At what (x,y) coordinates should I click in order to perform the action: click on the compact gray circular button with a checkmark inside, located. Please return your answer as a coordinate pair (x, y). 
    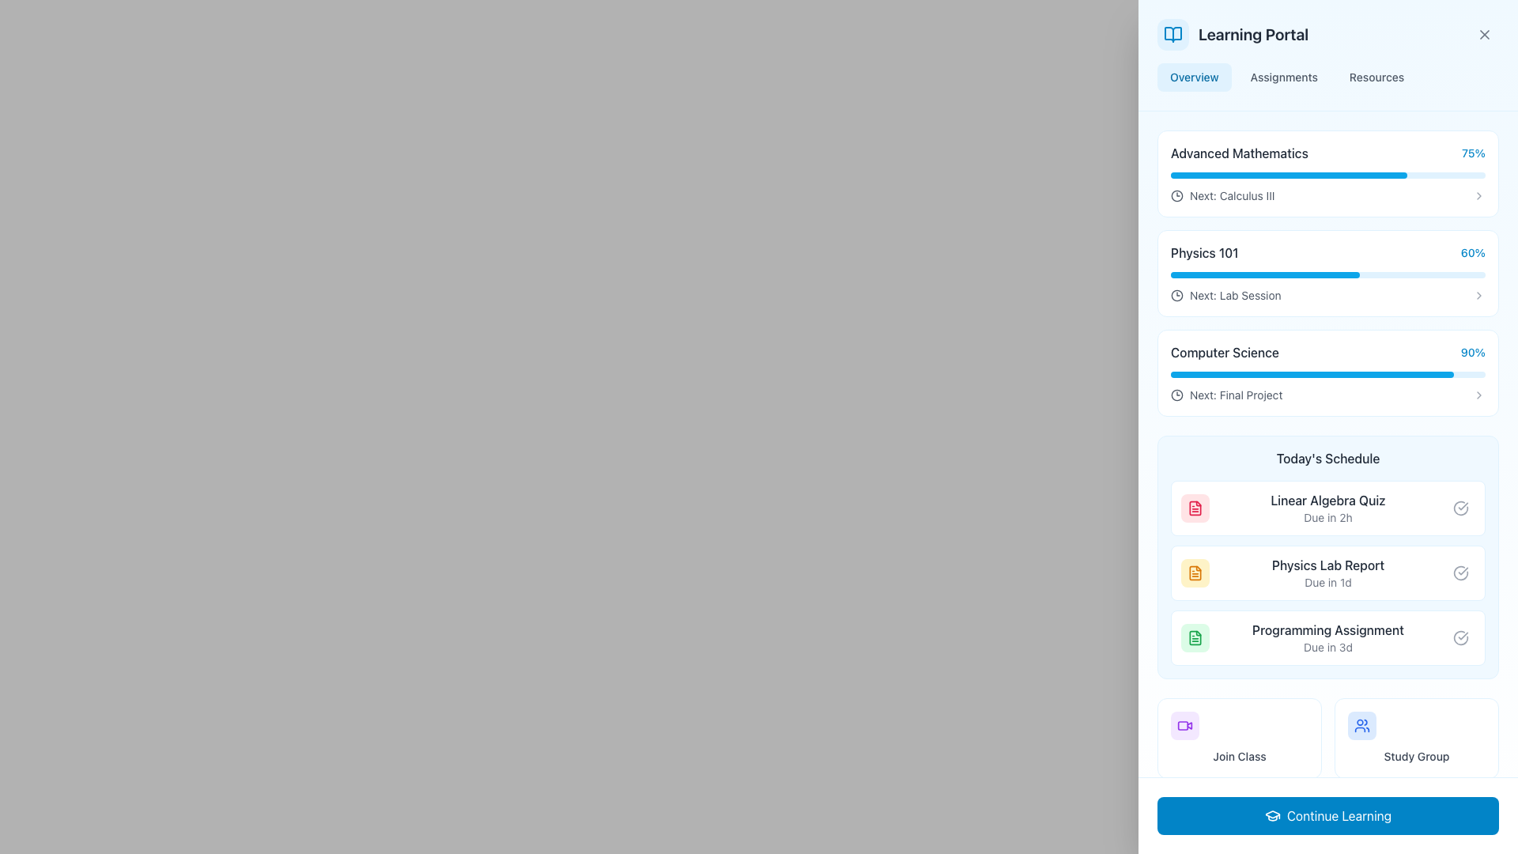
    Looking at the image, I should click on (1460, 573).